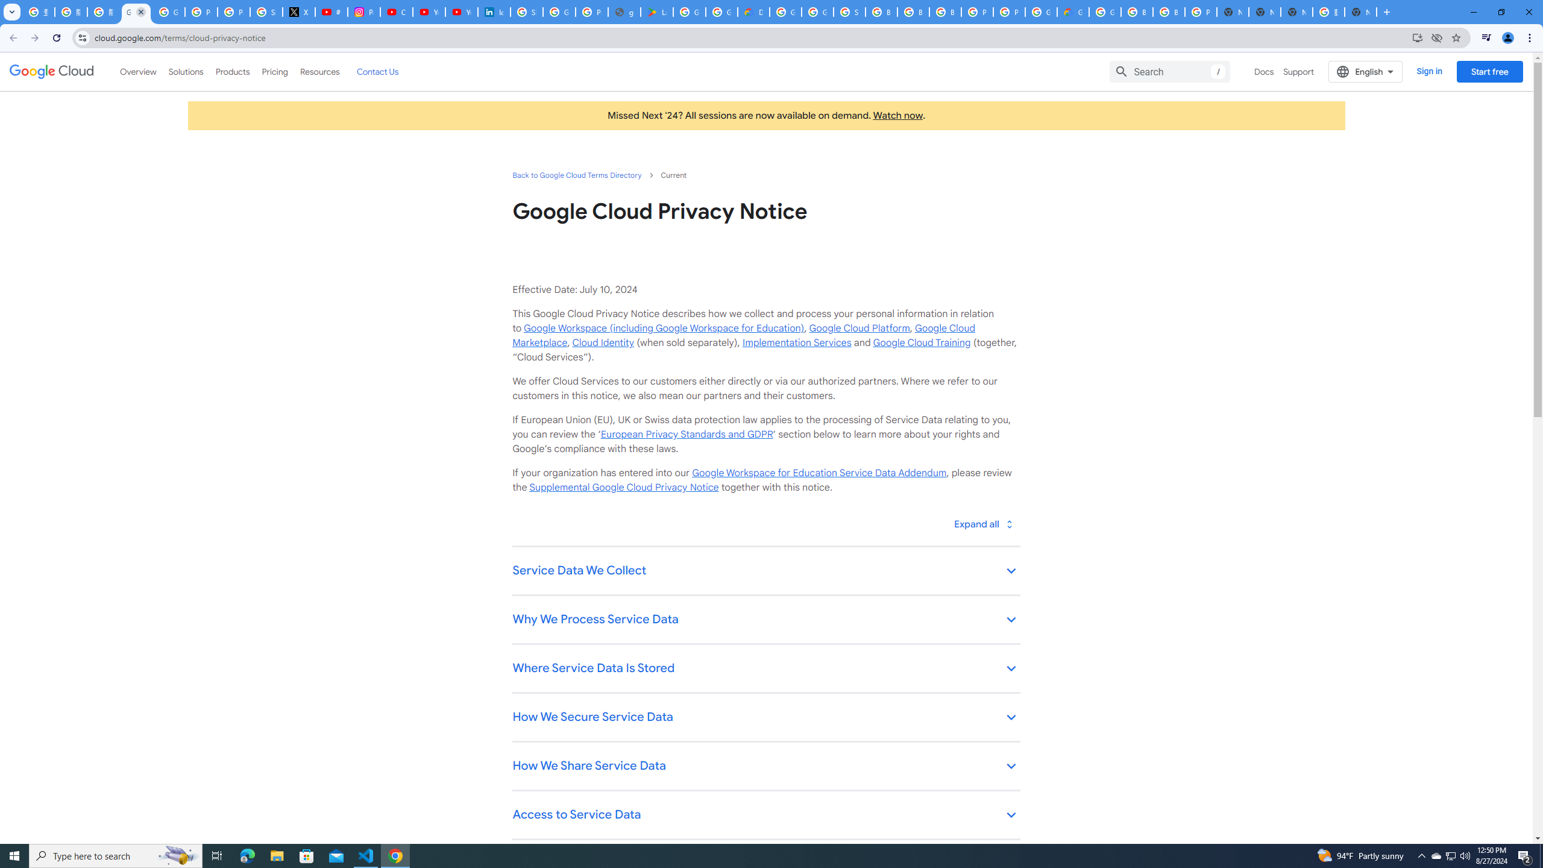 Image resolution: width=1543 pixels, height=868 pixels. What do you see at coordinates (461, 11) in the screenshot?
I see `'YouTube Culture & Trends - YouTube Top 10, 2021'` at bounding box center [461, 11].